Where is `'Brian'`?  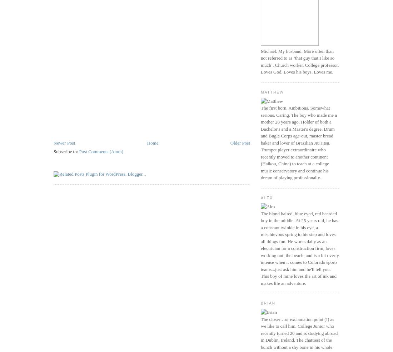
'Brian' is located at coordinates (260, 303).